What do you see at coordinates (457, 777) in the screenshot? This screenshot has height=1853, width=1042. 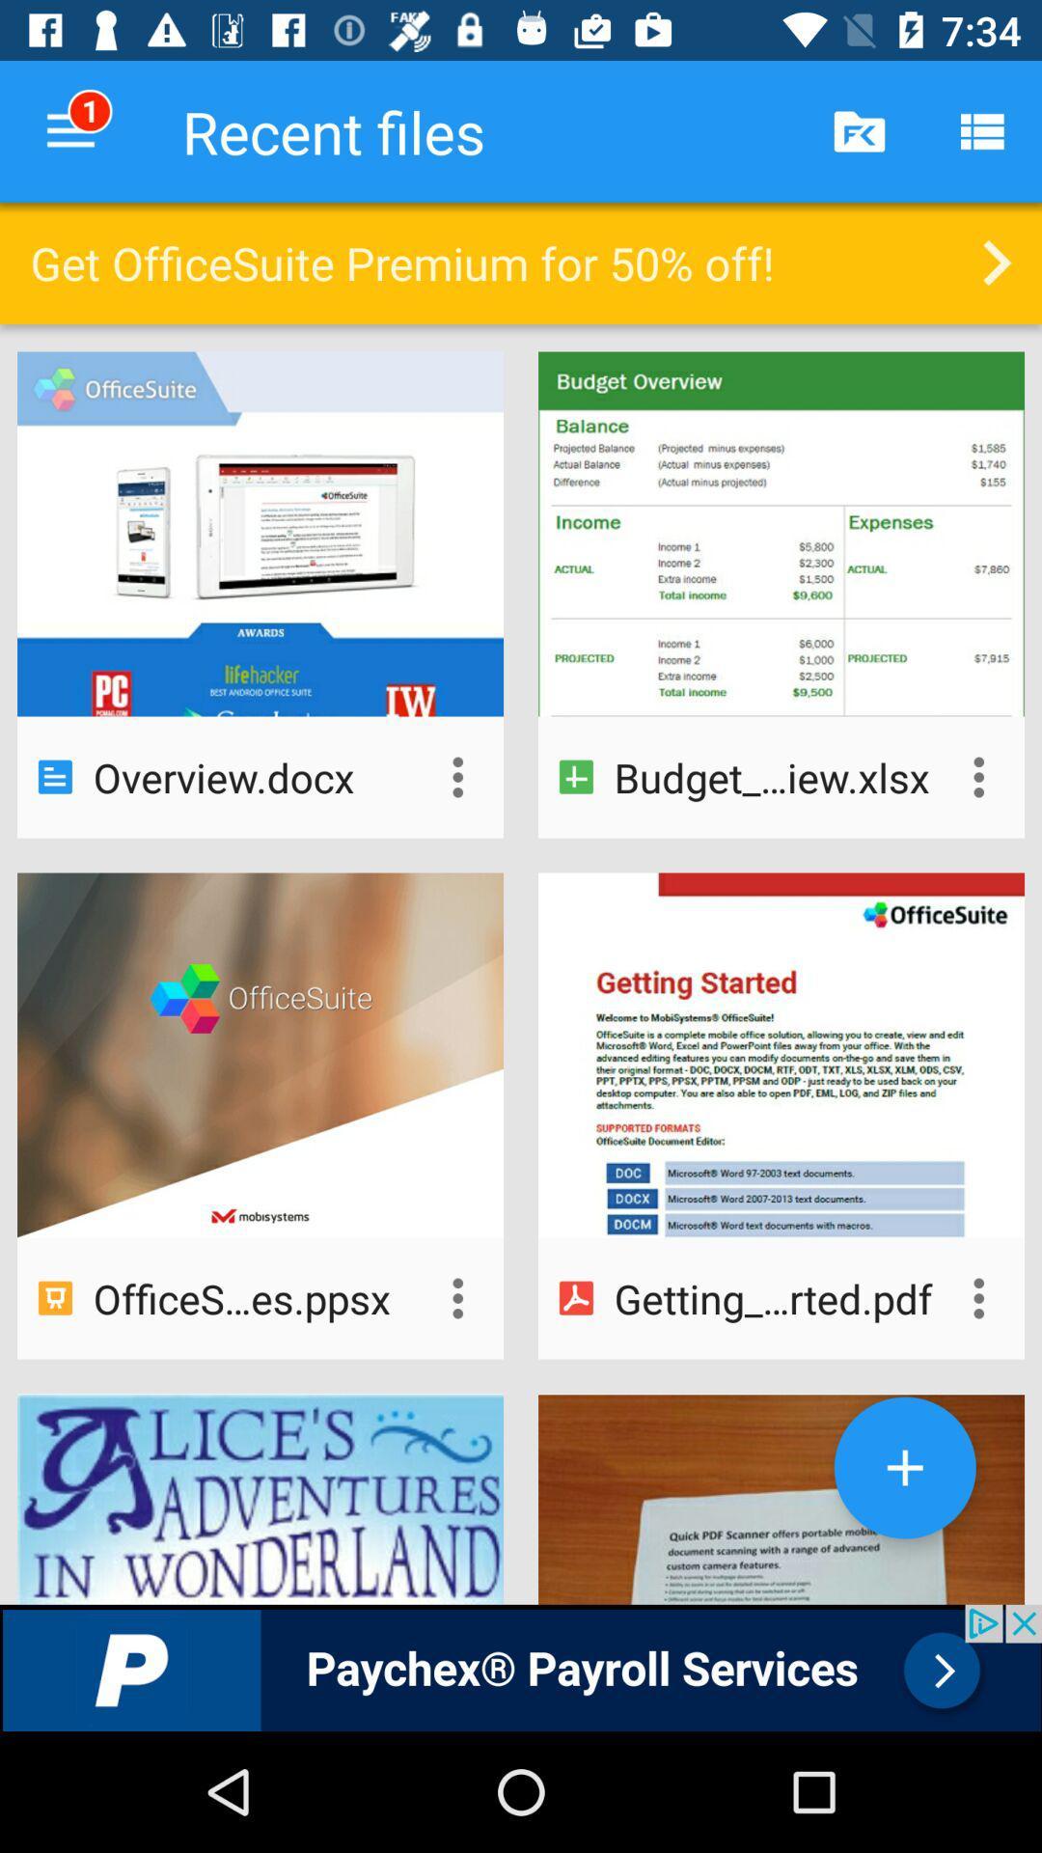 I see `detail button` at bounding box center [457, 777].